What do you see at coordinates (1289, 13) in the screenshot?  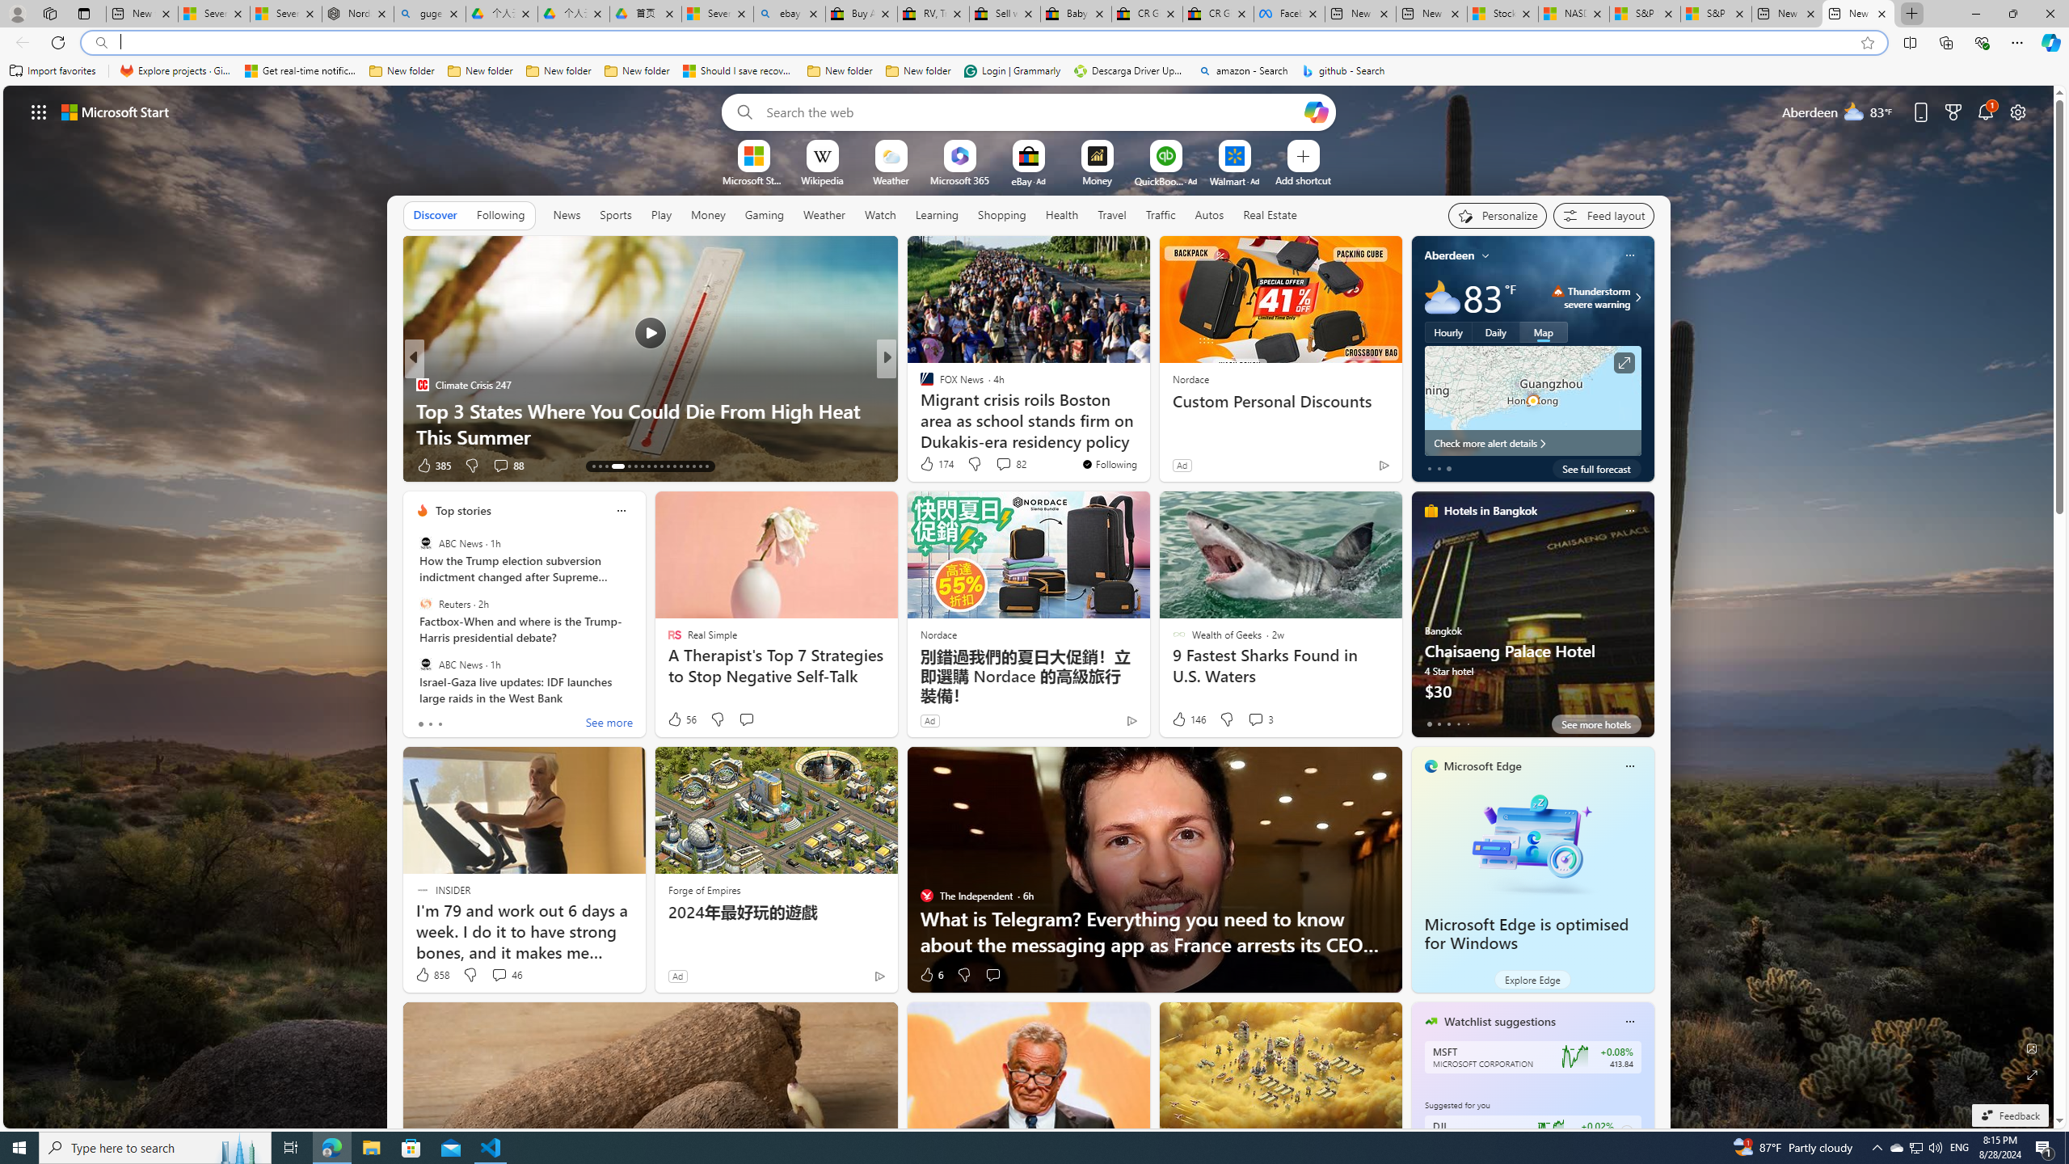 I see `'Facebook'` at bounding box center [1289, 13].